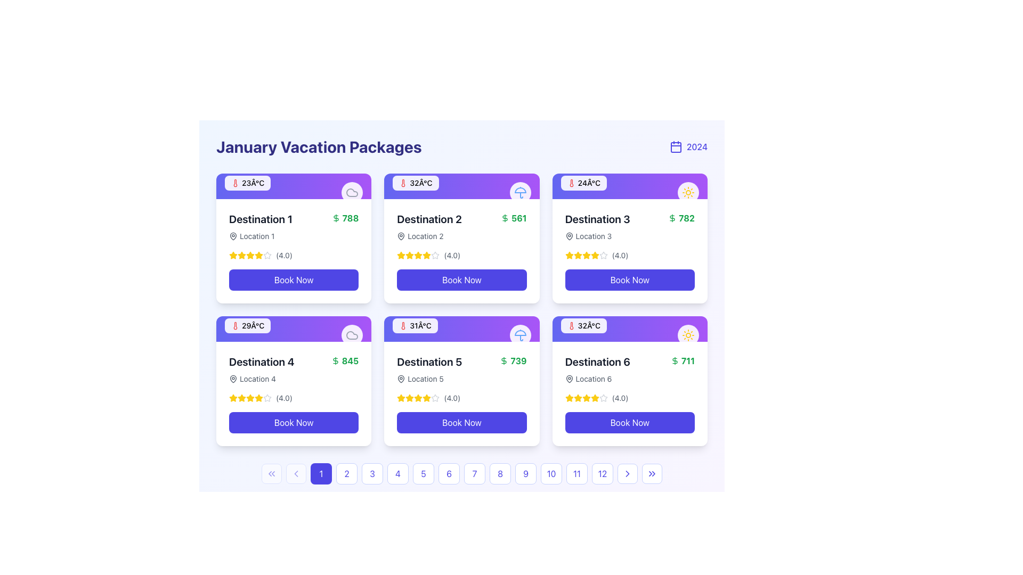 The height and width of the screenshot is (575, 1023). What do you see at coordinates (241, 255) in the screenshot?
I see `the second star icon in the 5-star rating display system` at bounding box center [241, 255].